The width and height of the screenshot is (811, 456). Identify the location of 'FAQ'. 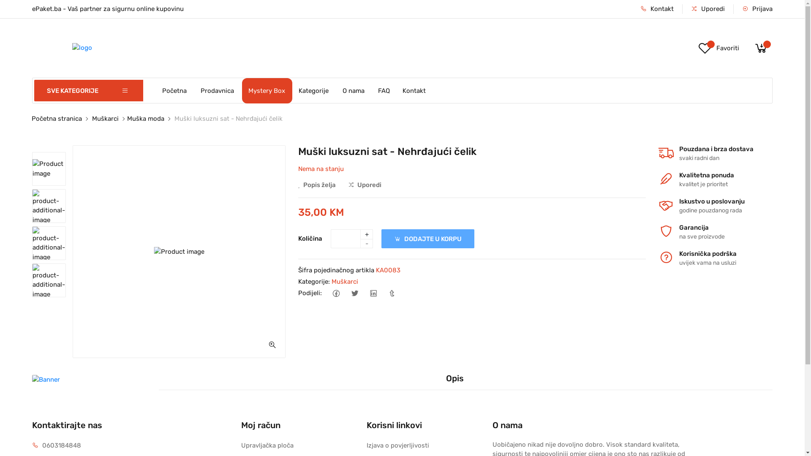
(371, 90).